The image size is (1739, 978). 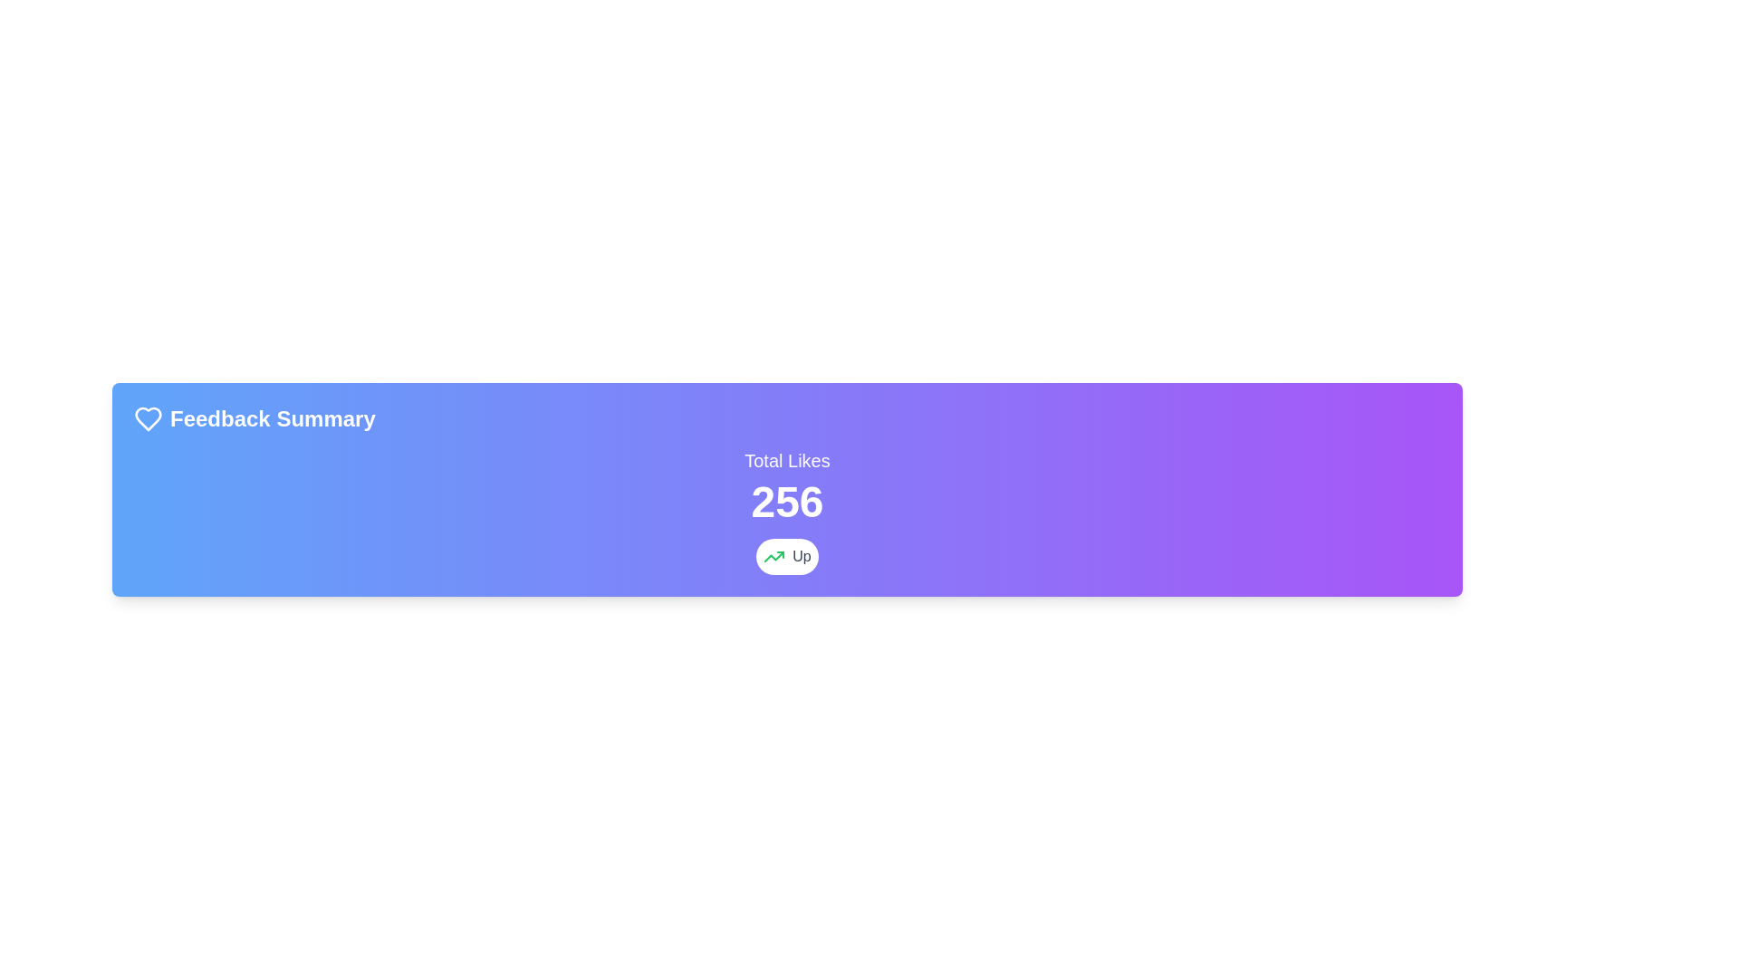 I want to click on the trend indicated by the green upward-slanting zigzag arrow in the lower right portion of the interface, which is part of an SVG icon, so click(x=774, y=555).